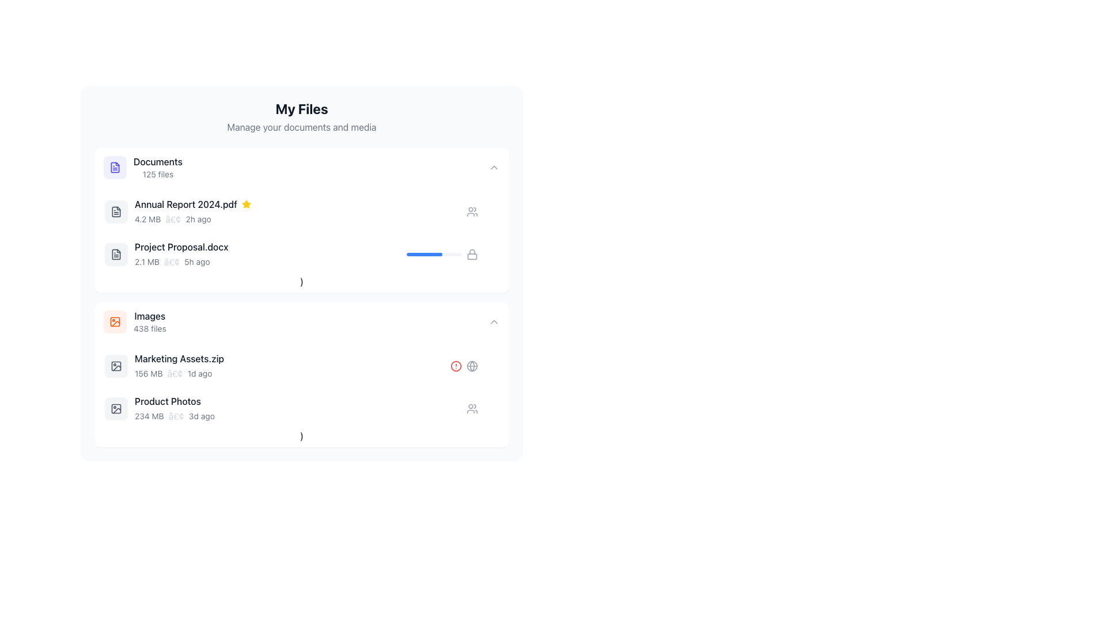 The image size is (1106, 622). I want to click on decorative status icon located to the right of the 'Annual Report 2024.pdf' text element, so click(245, 203).